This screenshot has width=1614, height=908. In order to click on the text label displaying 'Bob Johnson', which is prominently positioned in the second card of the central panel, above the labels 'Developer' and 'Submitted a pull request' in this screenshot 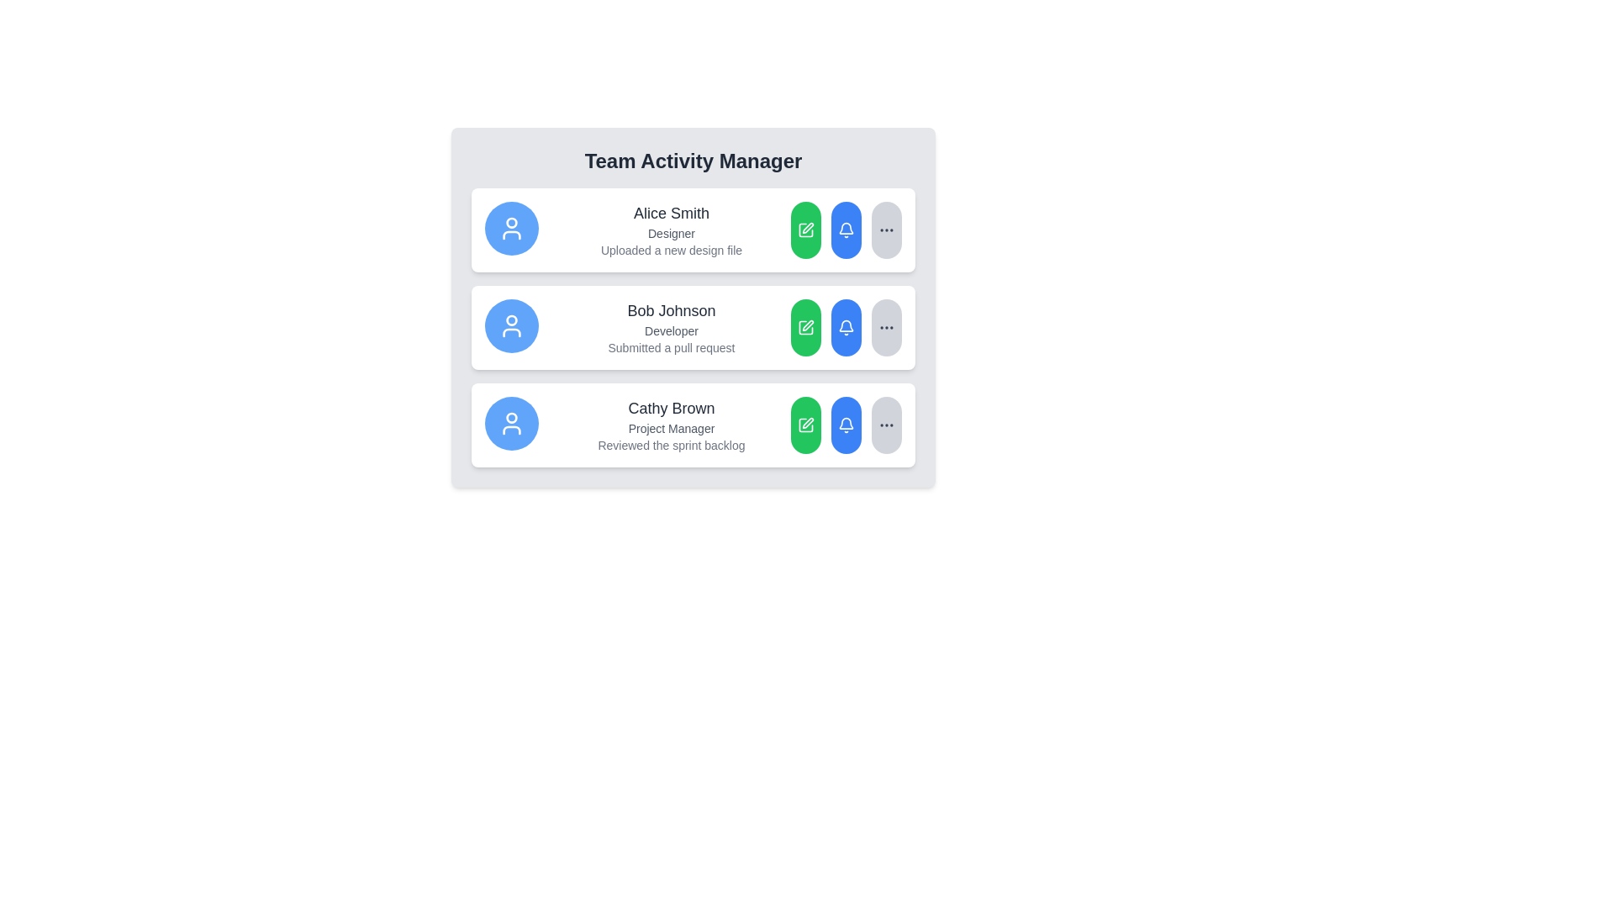, I will do `click(670, 311)`.